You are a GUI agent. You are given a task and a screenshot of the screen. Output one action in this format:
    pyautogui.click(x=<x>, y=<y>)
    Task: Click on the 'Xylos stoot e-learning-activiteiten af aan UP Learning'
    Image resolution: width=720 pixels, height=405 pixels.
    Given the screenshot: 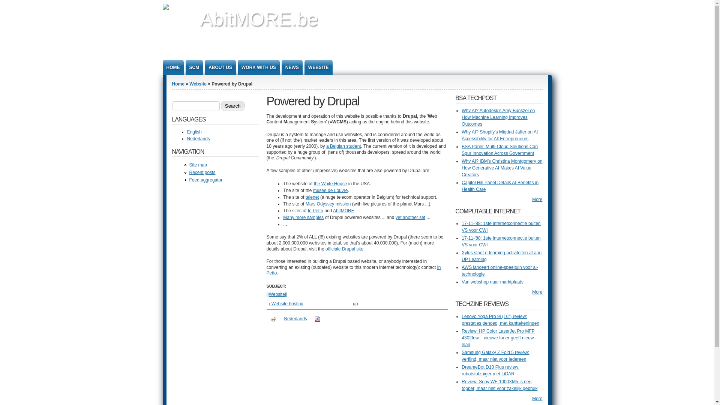 What is the action you would take?
    pyautogui.click(x=461, y=255)
    